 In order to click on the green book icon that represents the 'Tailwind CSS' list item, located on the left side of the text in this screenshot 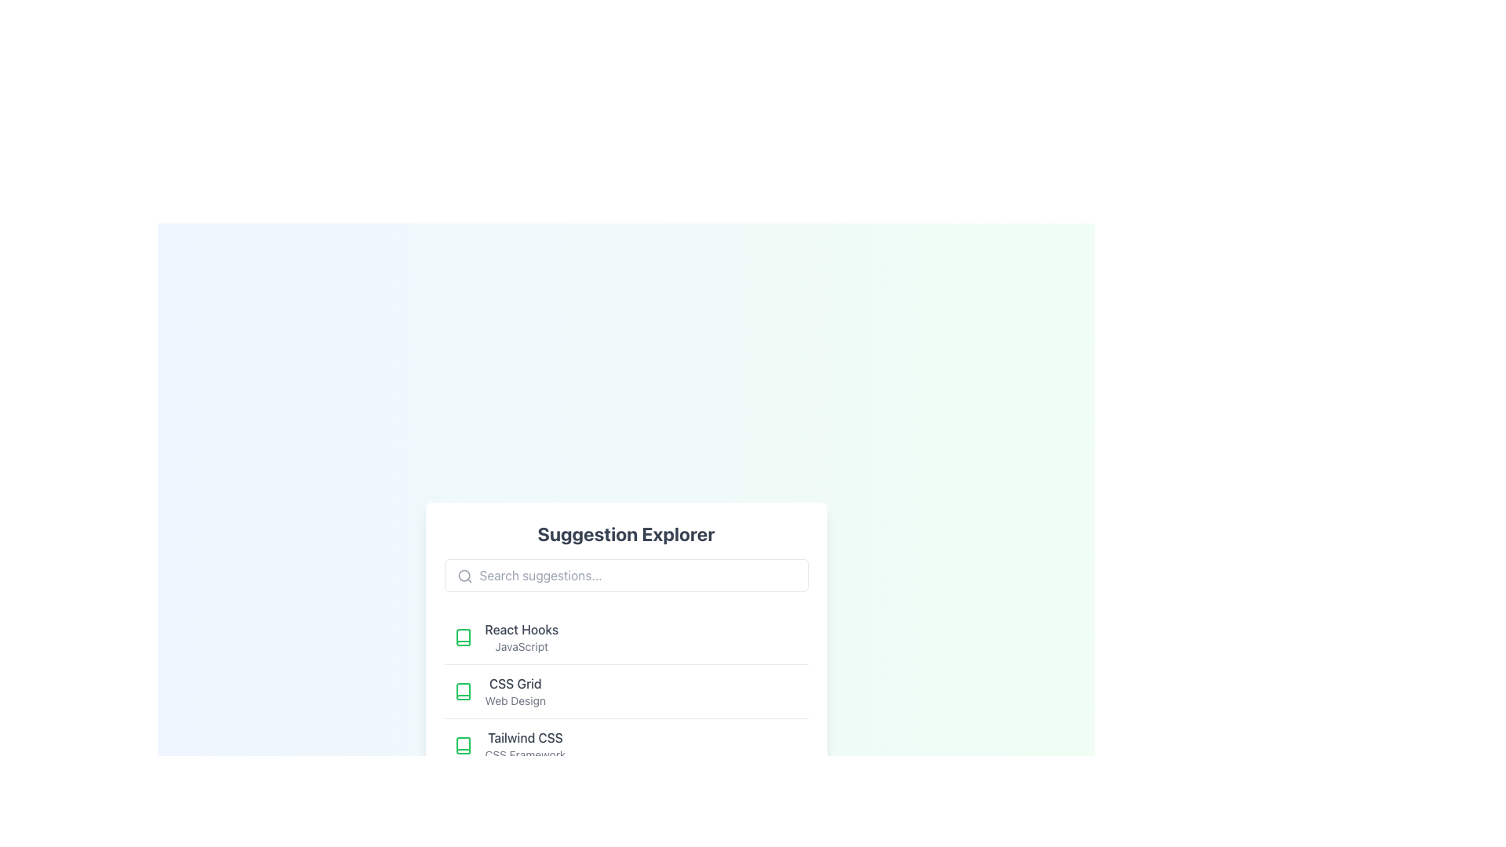, I will do `click(462, 745)`.